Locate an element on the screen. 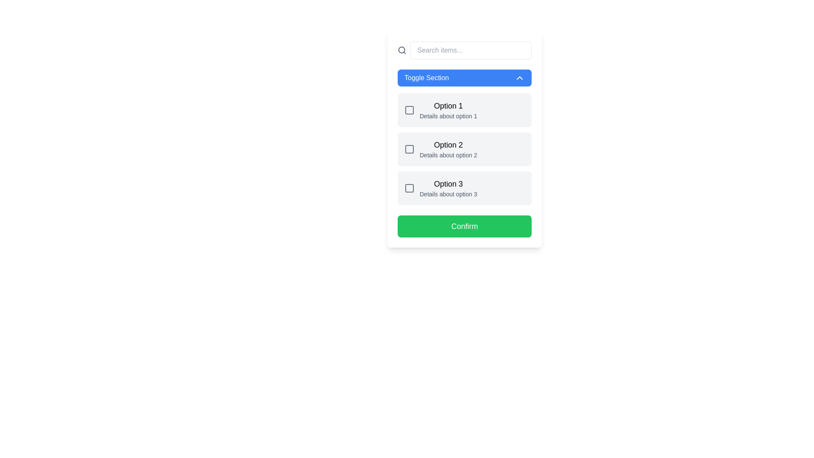 The width and height of the screenshot is (814, 458). the confirmation button located at the bottom of the modal dialog is located at coordinates (464, 226).